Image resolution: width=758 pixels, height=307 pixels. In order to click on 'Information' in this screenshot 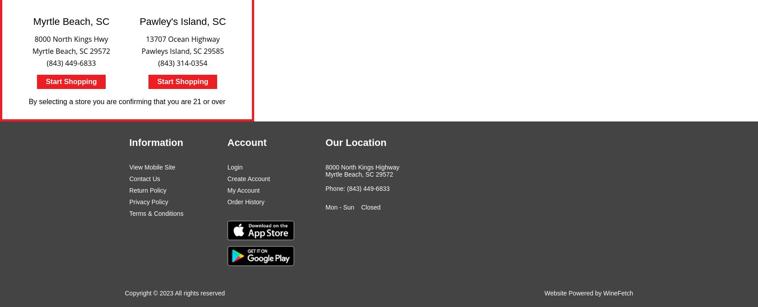, I will do `click(129, 141)`.